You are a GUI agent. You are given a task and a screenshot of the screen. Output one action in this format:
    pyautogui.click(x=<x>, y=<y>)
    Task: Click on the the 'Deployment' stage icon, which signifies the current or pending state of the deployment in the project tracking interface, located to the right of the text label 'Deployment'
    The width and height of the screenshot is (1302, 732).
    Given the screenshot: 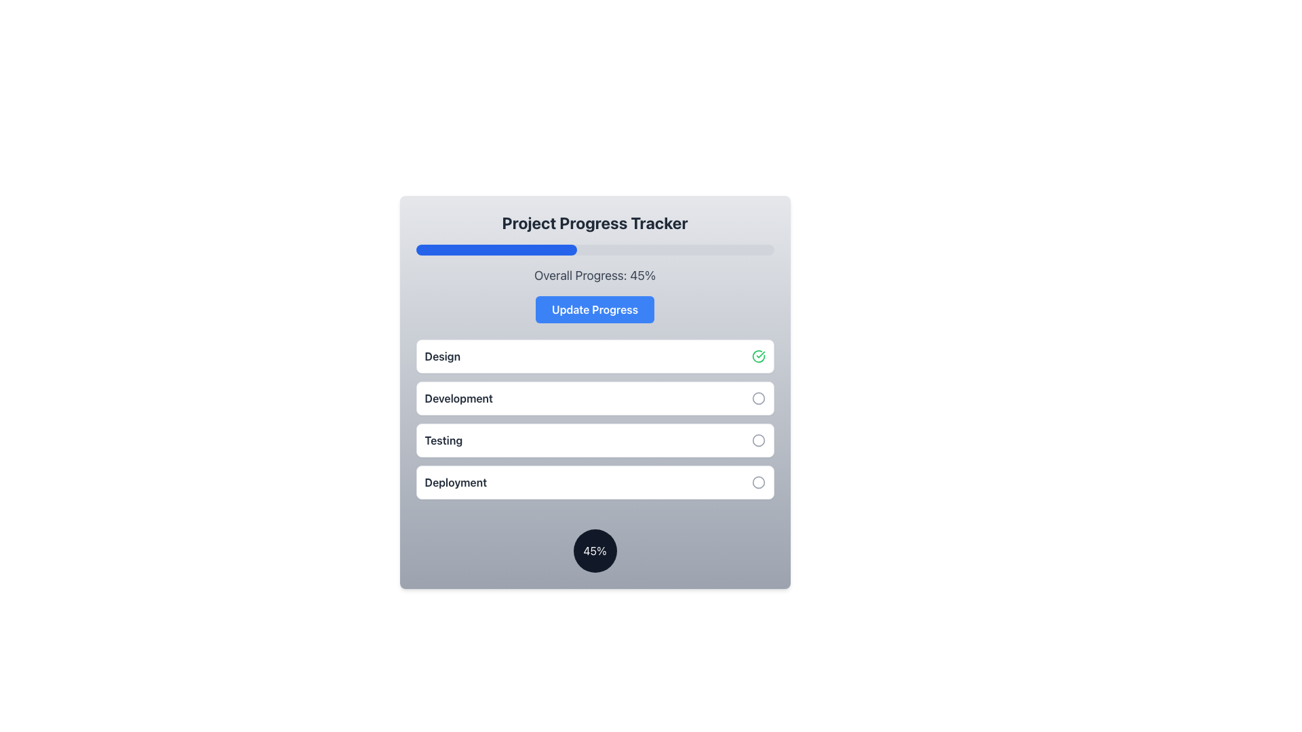 What is the action you would take?
    pyautogui.click(x=757, y=482)
    